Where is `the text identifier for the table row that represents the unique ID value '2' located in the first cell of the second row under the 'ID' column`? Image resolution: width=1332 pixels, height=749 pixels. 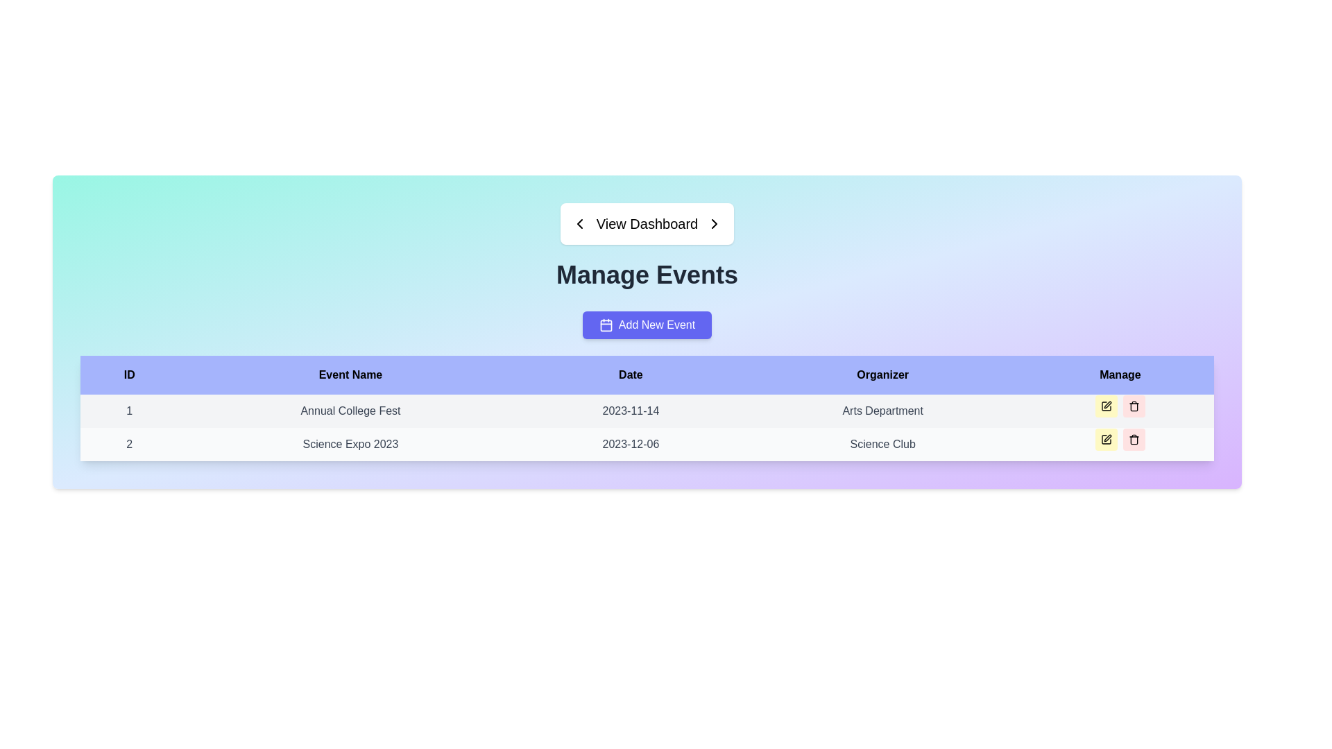
the text identifier for the table row that represents the unique ID value '2' located in the first cell of the second row under the 'ID' column is located at coordinates (129, 444).